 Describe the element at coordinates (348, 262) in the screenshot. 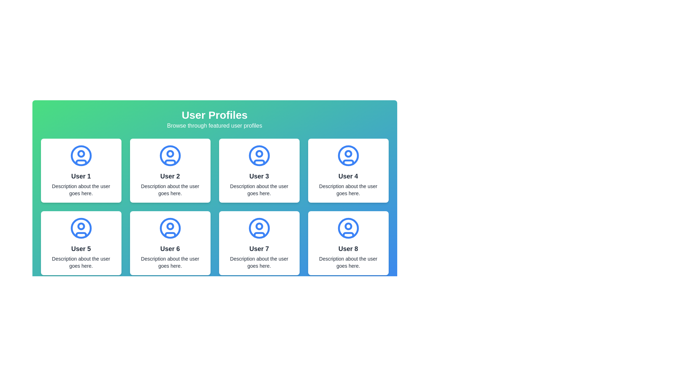

I see `text label that displays 'Description about the user goes here.' located directly below 'User 8' in the user information card` at that location.